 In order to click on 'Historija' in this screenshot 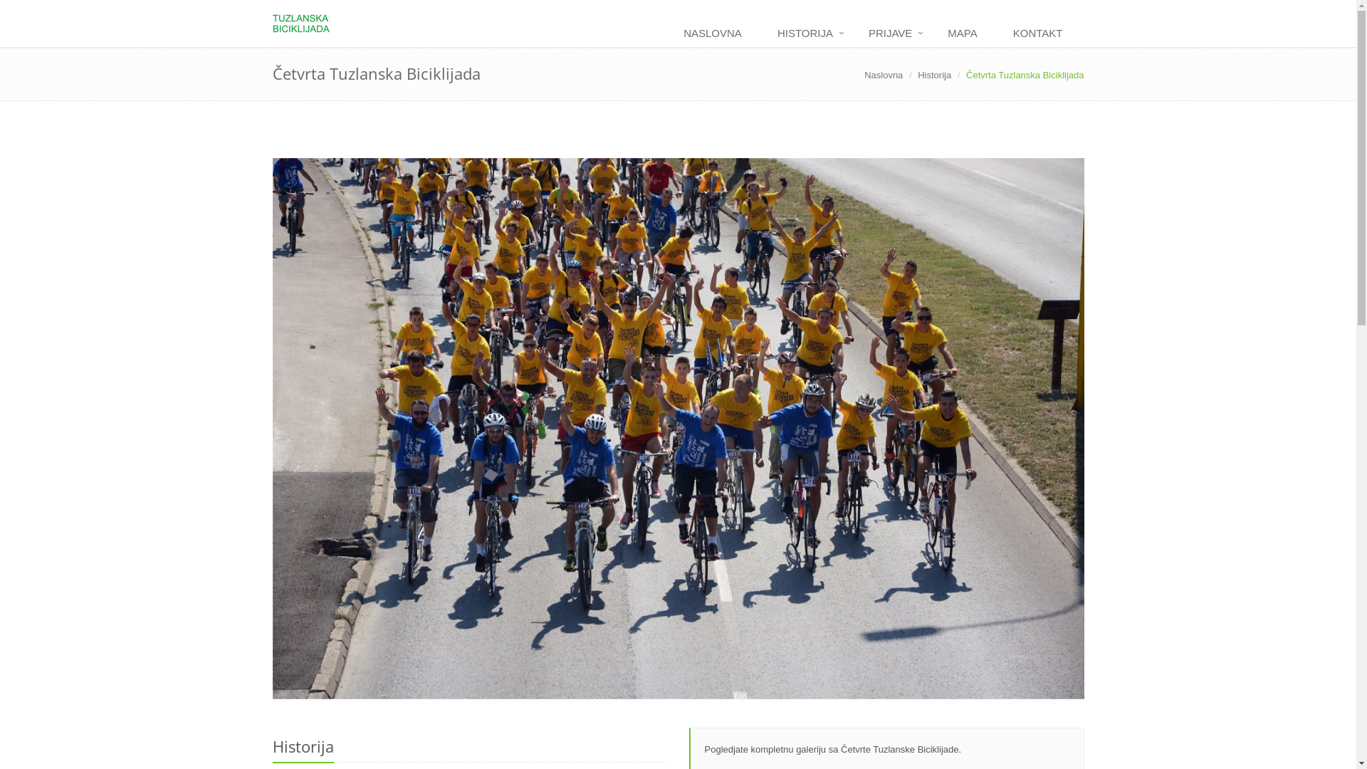, I will do `click(934, 75)`.